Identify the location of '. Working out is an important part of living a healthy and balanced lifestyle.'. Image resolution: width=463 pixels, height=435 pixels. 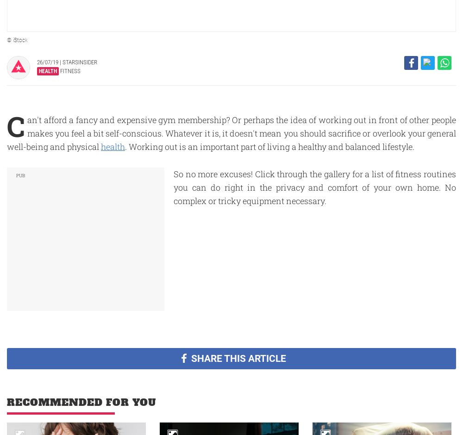
(270, 146).